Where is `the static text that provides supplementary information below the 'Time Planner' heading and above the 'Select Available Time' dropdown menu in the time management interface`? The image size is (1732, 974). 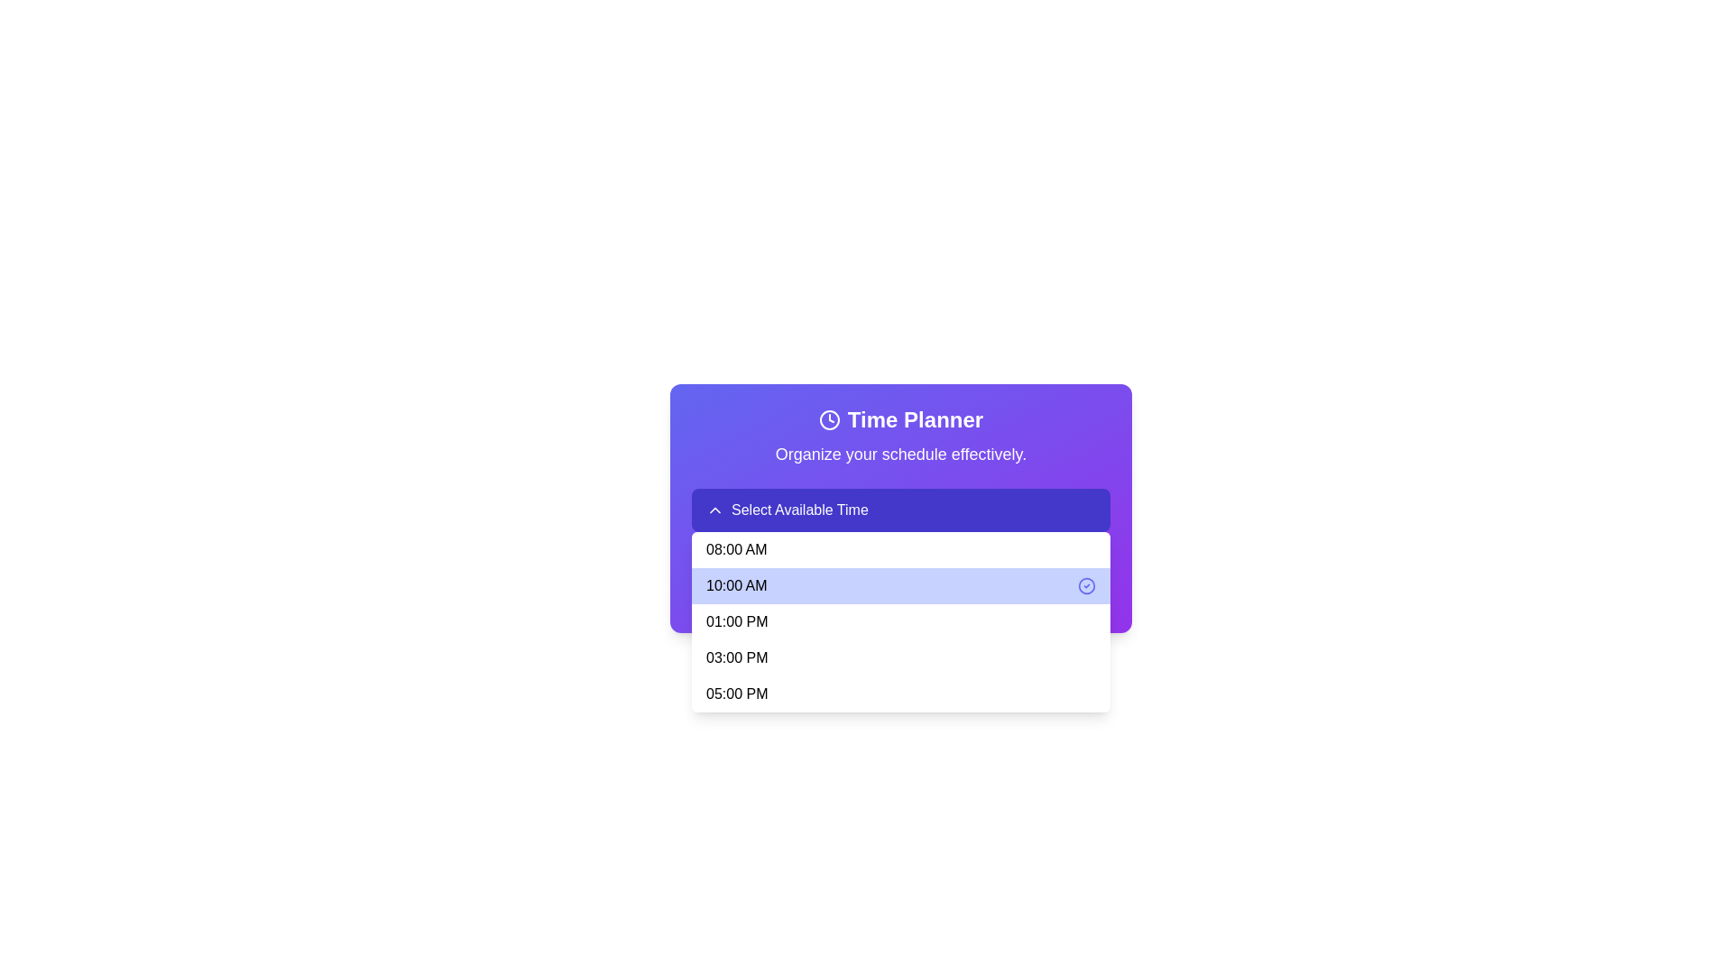
the static text that provides supplementary information below the 'Time Planner' heading and above the 'Select Available Time' dropdown menu in the time management interface is located at coordinates (900, 454).